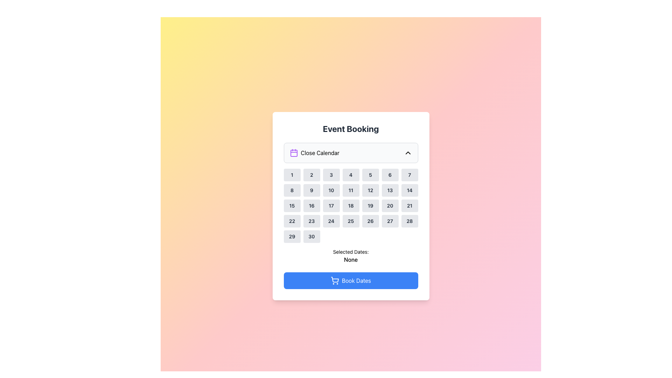 The height and width of the screenshot is (378, 672). I want to click on keyboard navigation, so click(331, 221).